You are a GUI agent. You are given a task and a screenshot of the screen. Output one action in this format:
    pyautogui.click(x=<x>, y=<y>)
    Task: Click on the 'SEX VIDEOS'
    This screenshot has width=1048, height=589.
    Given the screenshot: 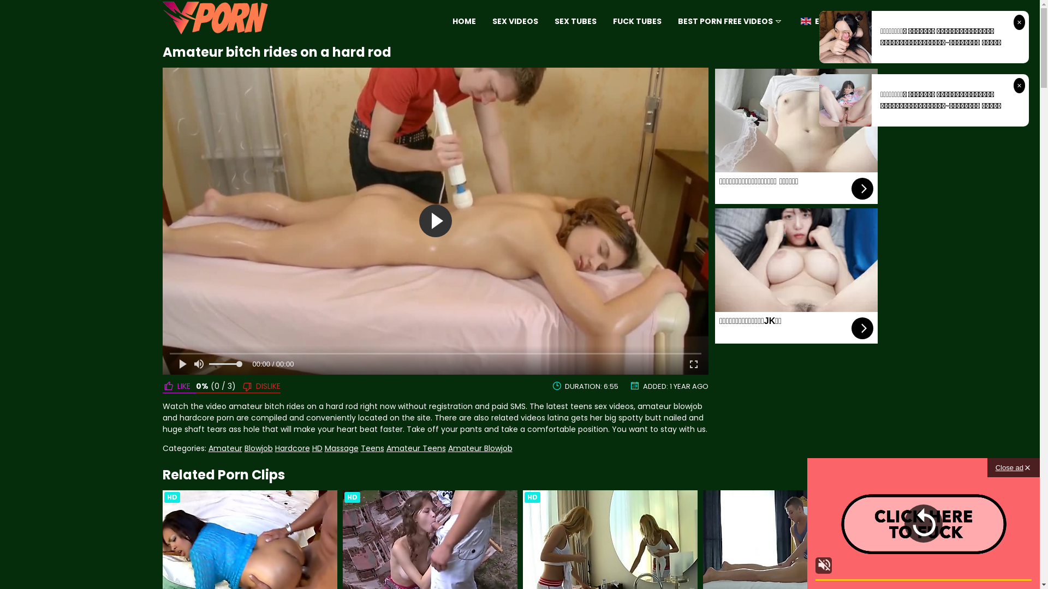 What is the action you would take?
    pyautogui.click(x=515, y=21)
    